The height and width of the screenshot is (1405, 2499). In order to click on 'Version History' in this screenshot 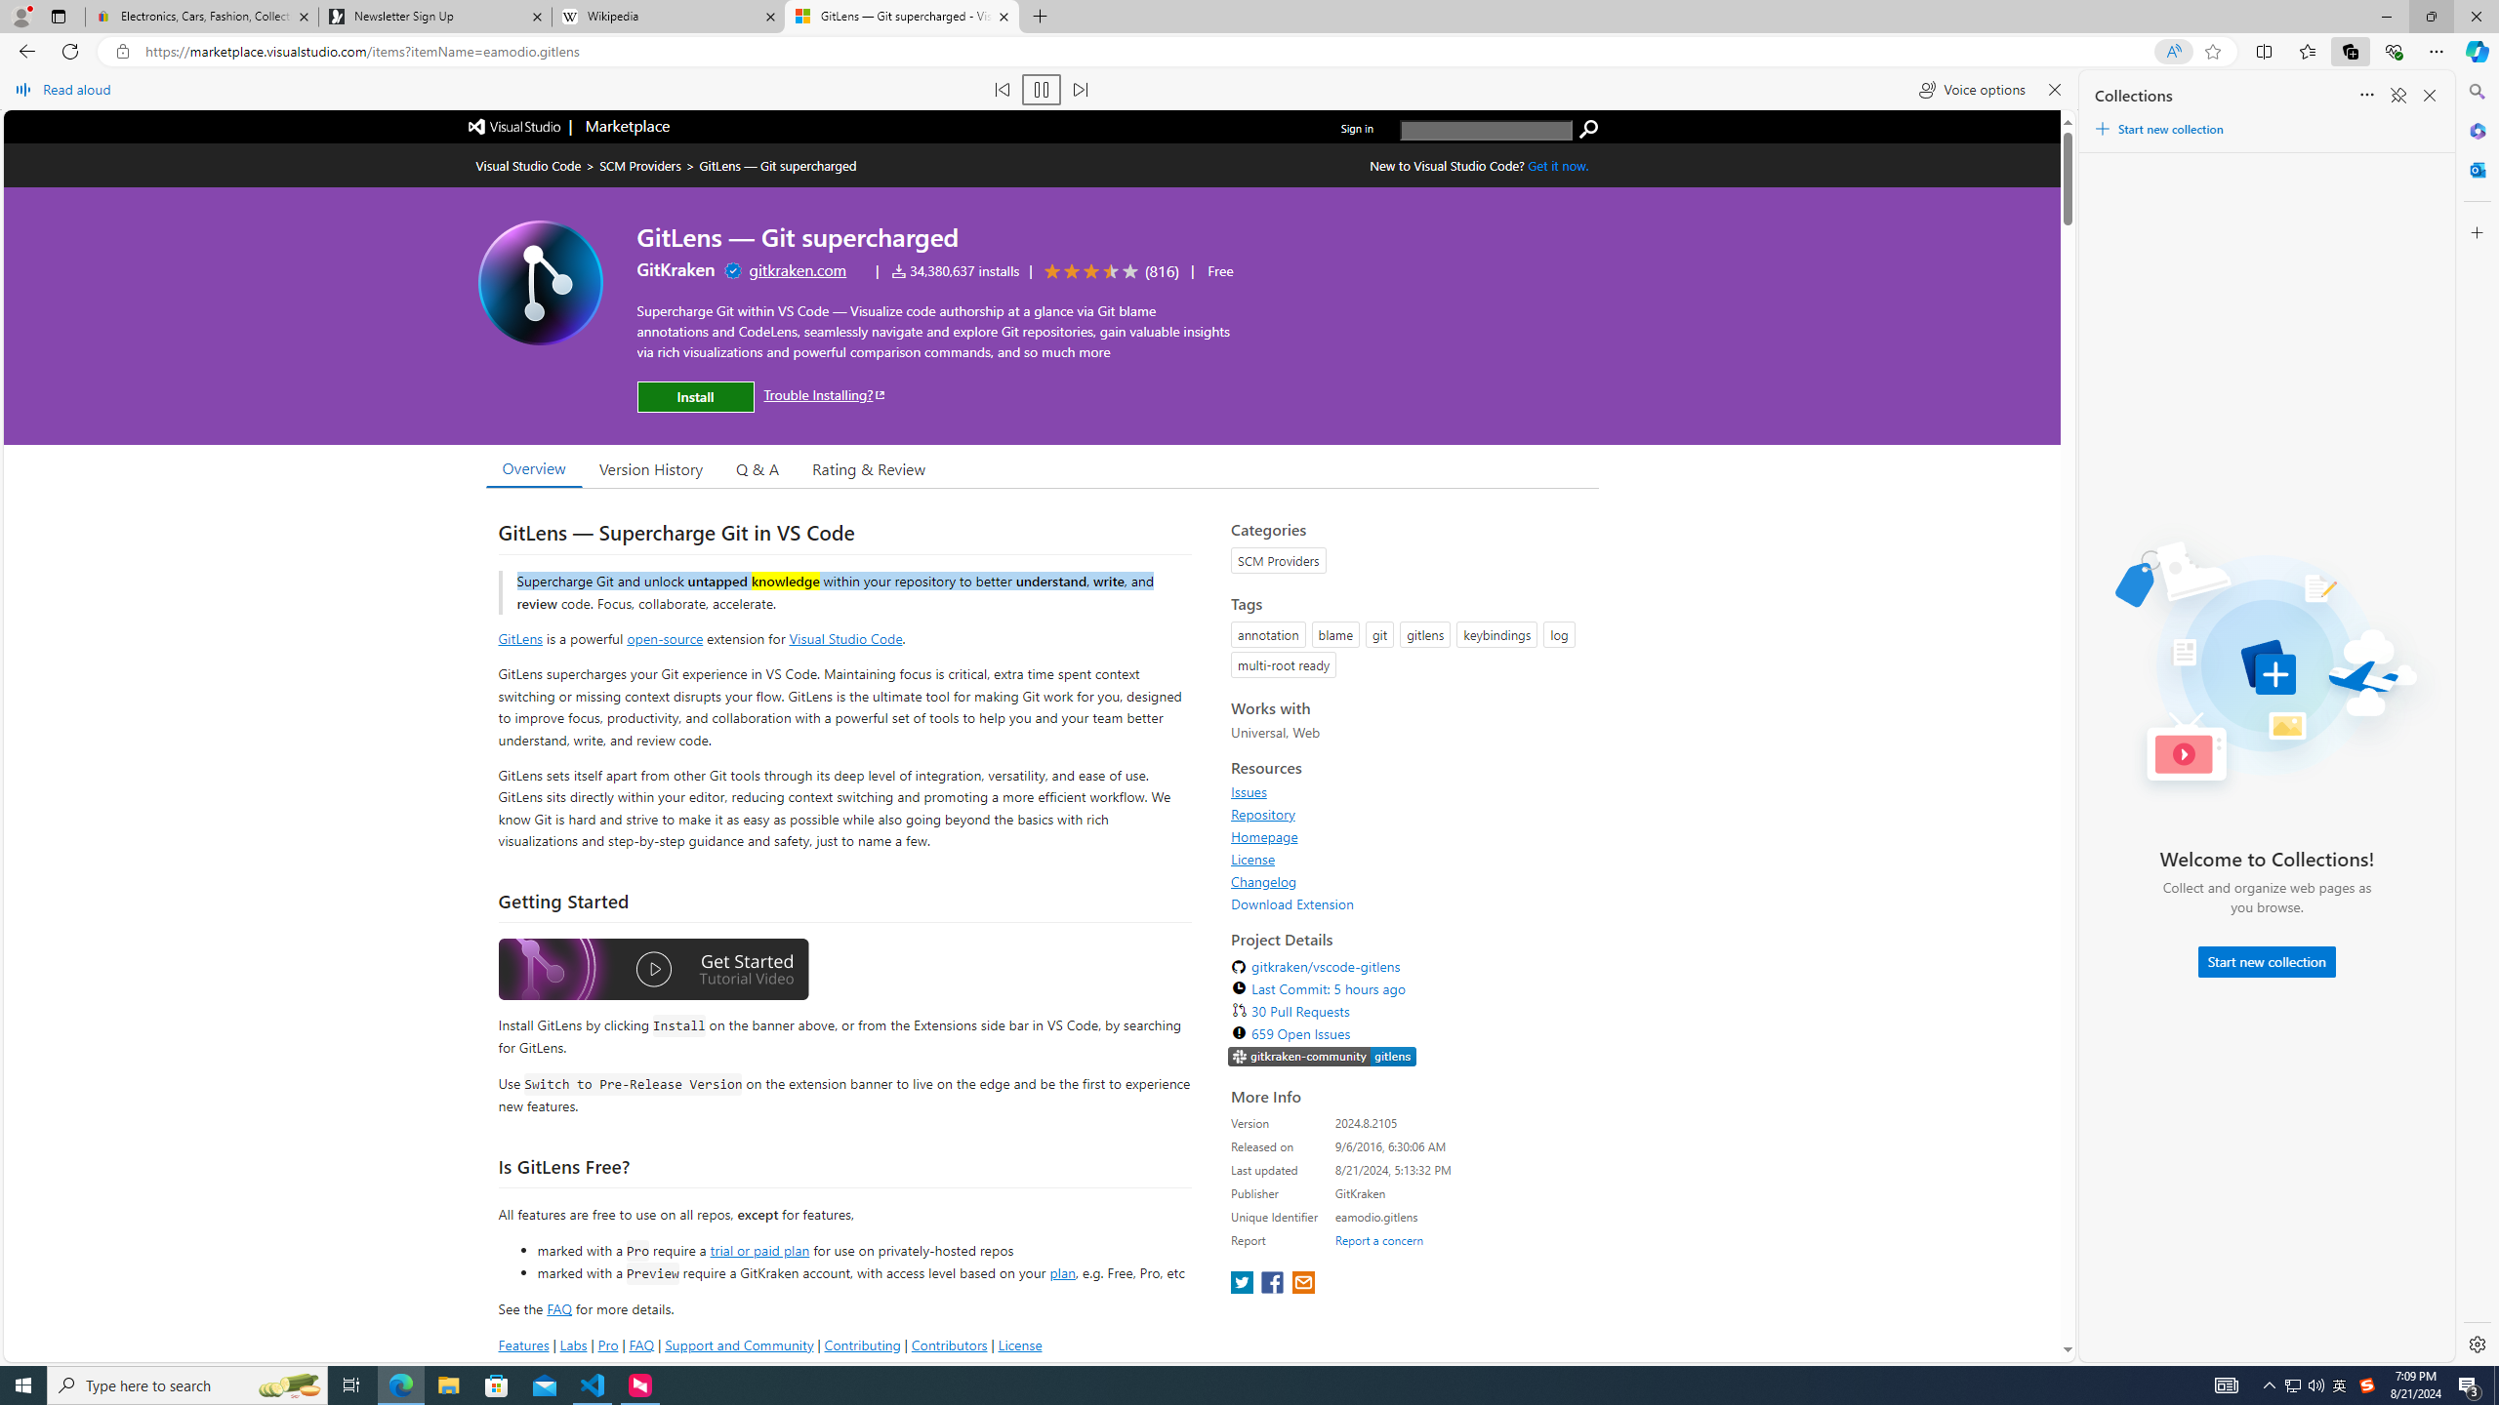, I will do `click(649, 466)`.